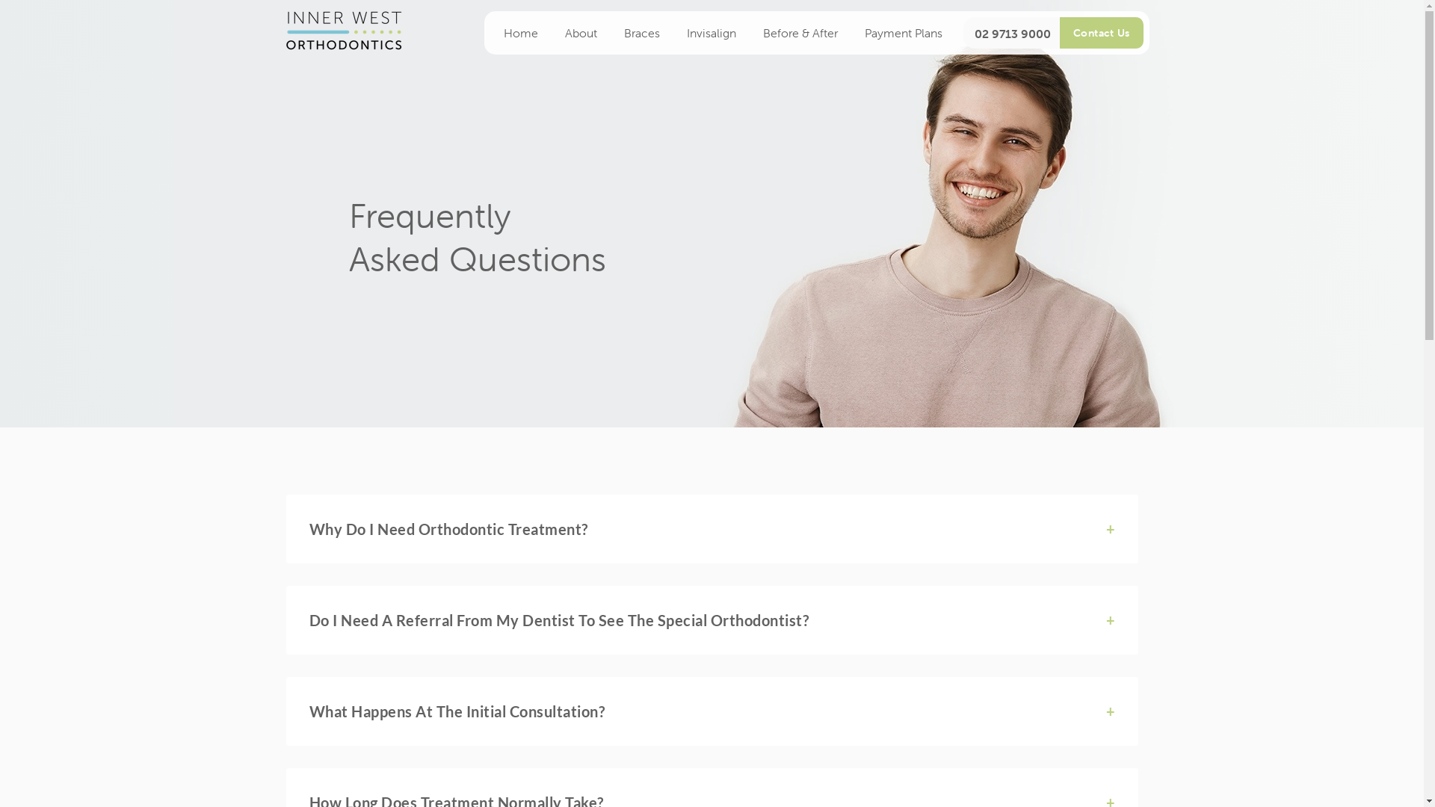  Describe the element at coordinates (1009, 34) in the screenshot. I see `'02 9713 9000'` at that location.